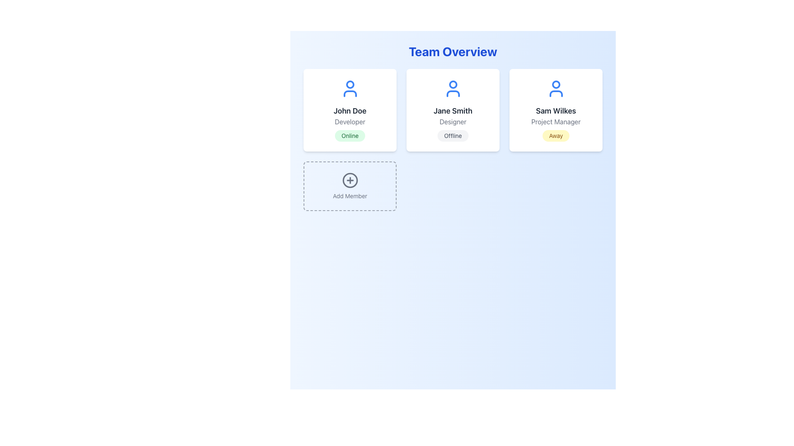 The width and height of the screenshot is (794, 446). I want to click on the decorative graphical element at the upper section of the user profile icon for 'Sam Wilkes', which is the third card in the horizontal row of user information cards, so click(556, 84).